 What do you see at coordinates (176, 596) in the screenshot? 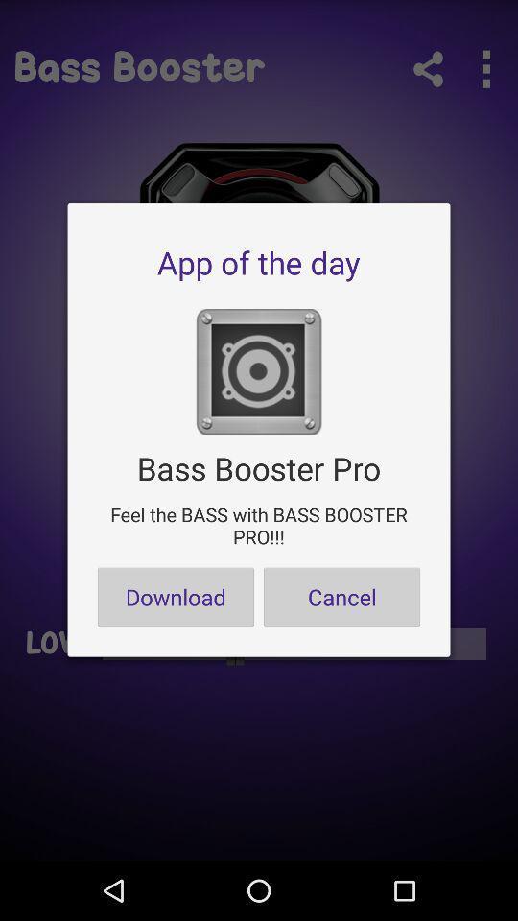
I see `the icon below feel the bass icon` at bounding box center [176, 596].